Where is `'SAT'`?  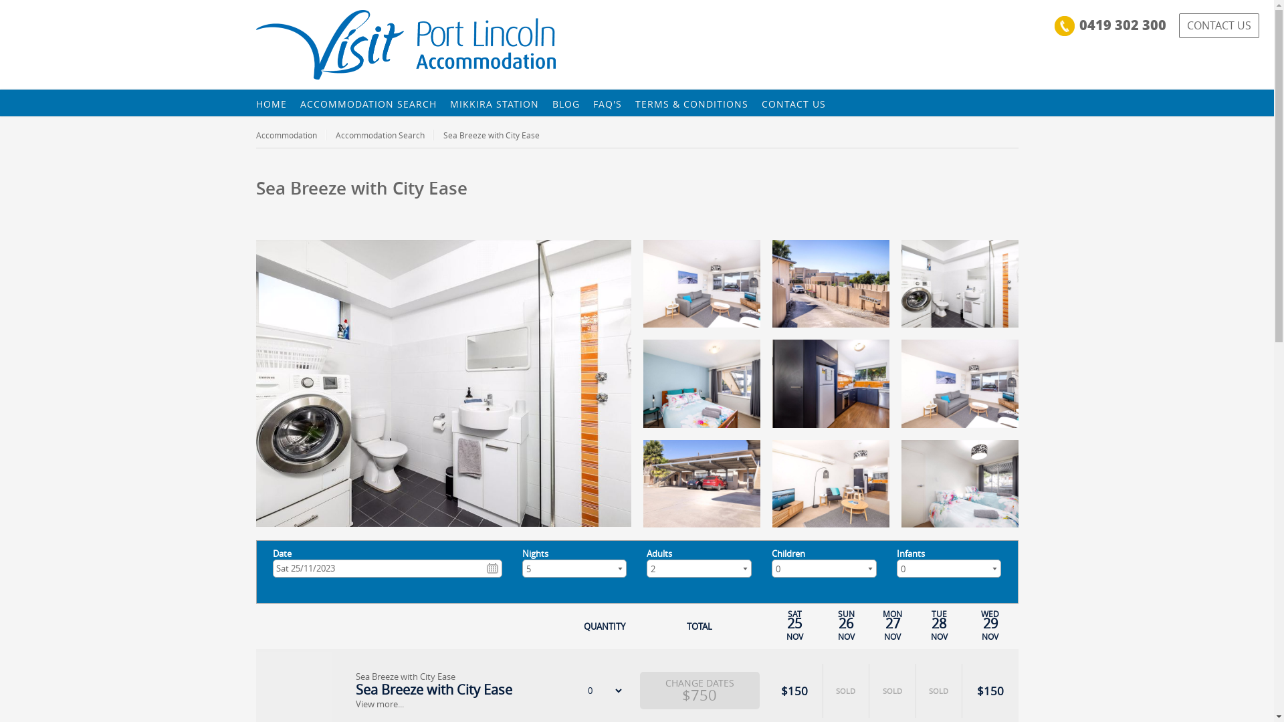 'SAT' is located at coordinates (766, 614).